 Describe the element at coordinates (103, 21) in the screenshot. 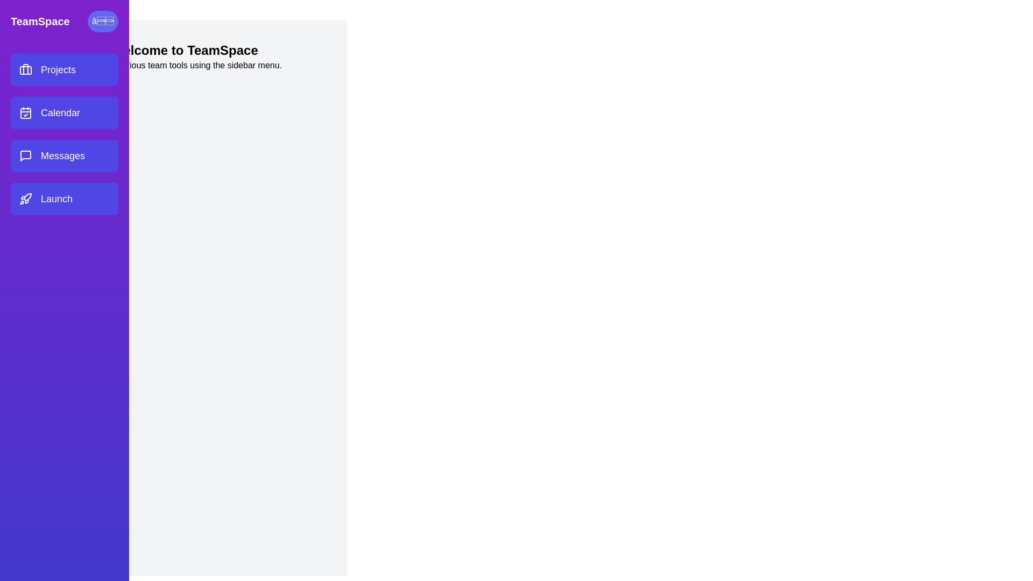

I see `the toggle button to toggle the sidebar visibility` at that location.